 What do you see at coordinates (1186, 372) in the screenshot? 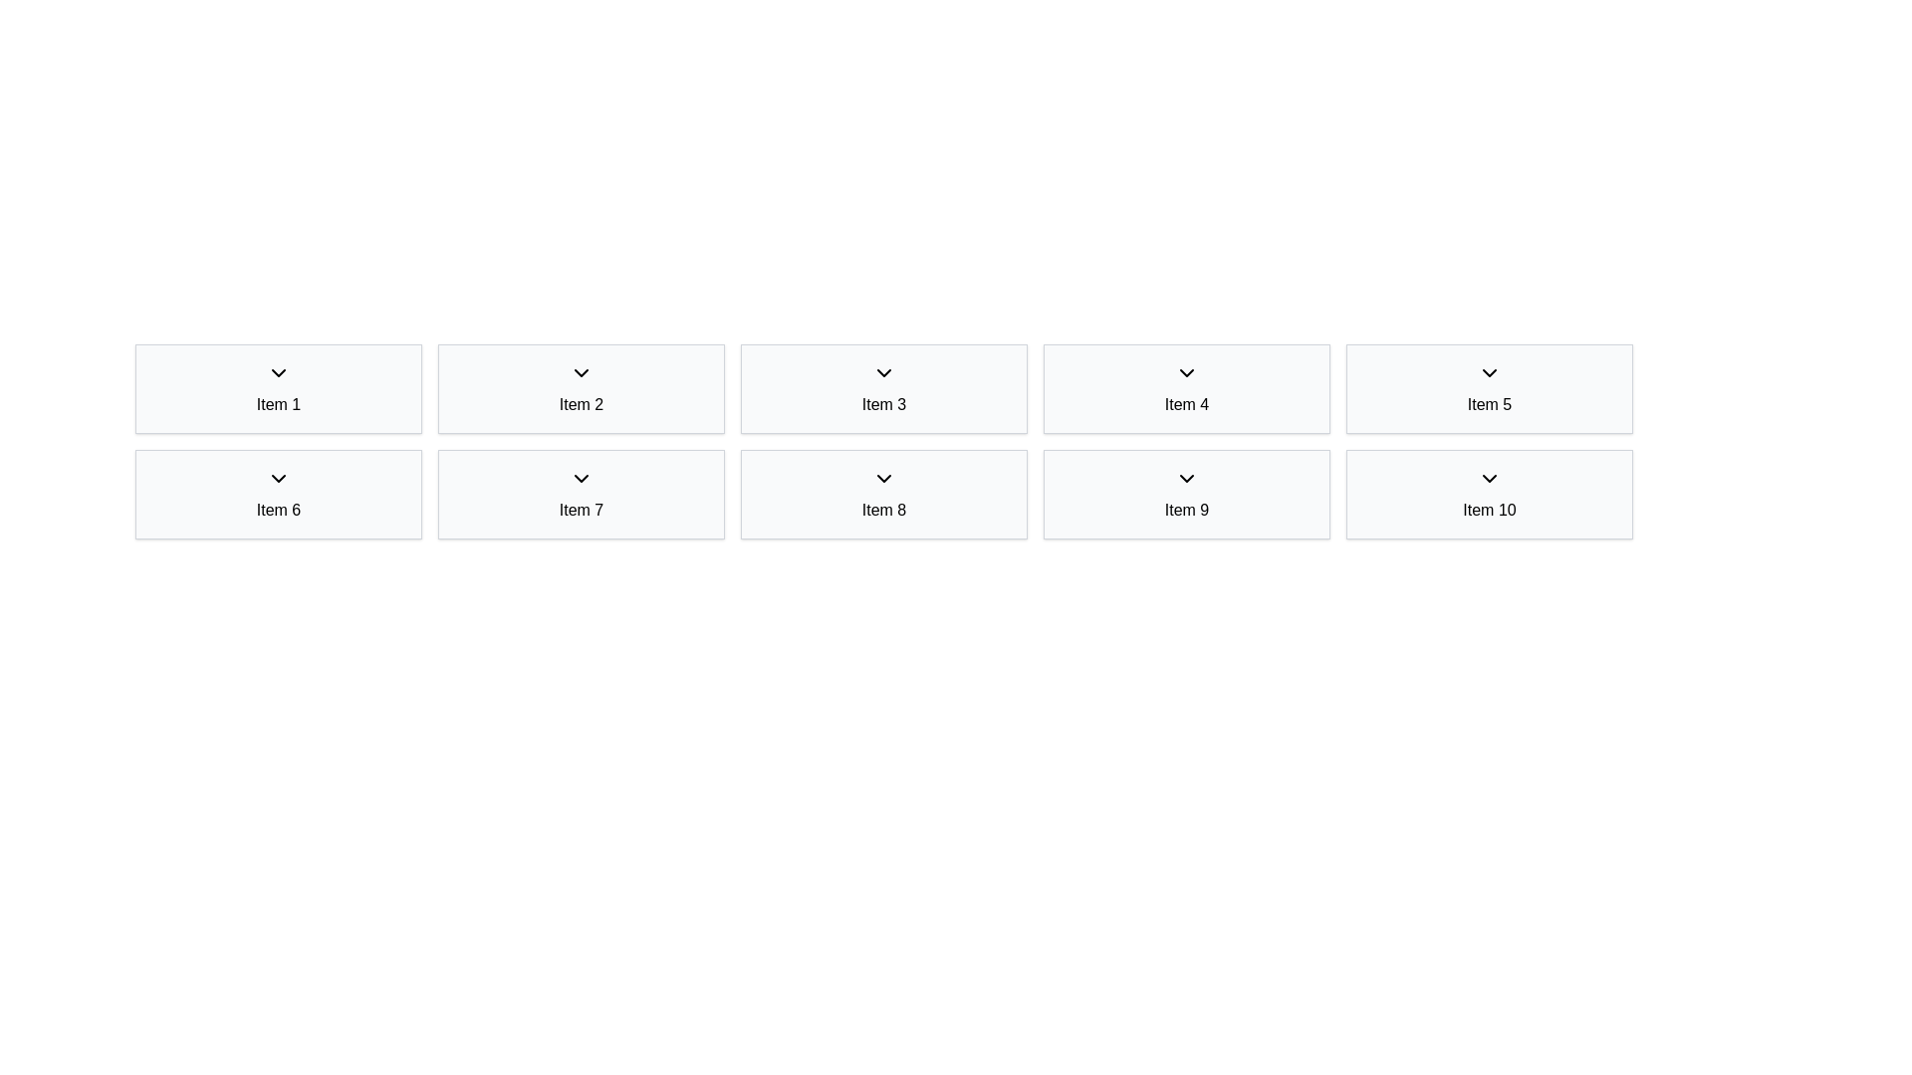
I see `the downward chevron icon located at the top-center of the item card titled 'Item 4'` at bounding box center [1186, 372].